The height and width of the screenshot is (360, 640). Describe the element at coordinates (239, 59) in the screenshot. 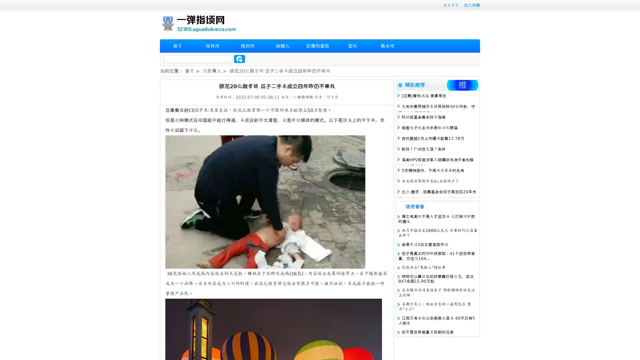

I see `Search` at that location.